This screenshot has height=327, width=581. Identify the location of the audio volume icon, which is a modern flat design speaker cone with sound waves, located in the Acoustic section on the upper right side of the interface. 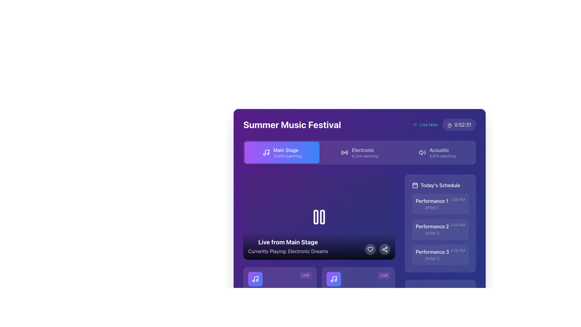
(422, 152).